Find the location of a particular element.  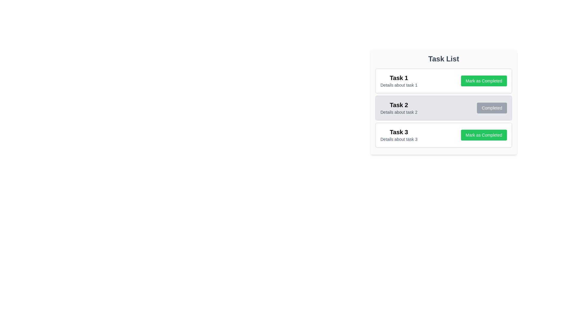

the 'Completed' button, which is a green rectangular button with white text, located in the second task entry of the 'Task List' is located at coordinates (492, 107).